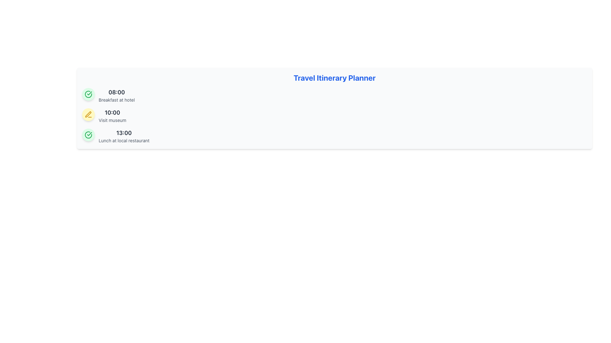 Image resolution: width=611 pixels, height=343 pixels. What do you see at coordinates (88, 114) in the screenshot?
I see `the editing icon located slightly to the left of the text '10:00 Visit museum', which signifies that this task can be edited or customized` at bounding box center [88, 114].